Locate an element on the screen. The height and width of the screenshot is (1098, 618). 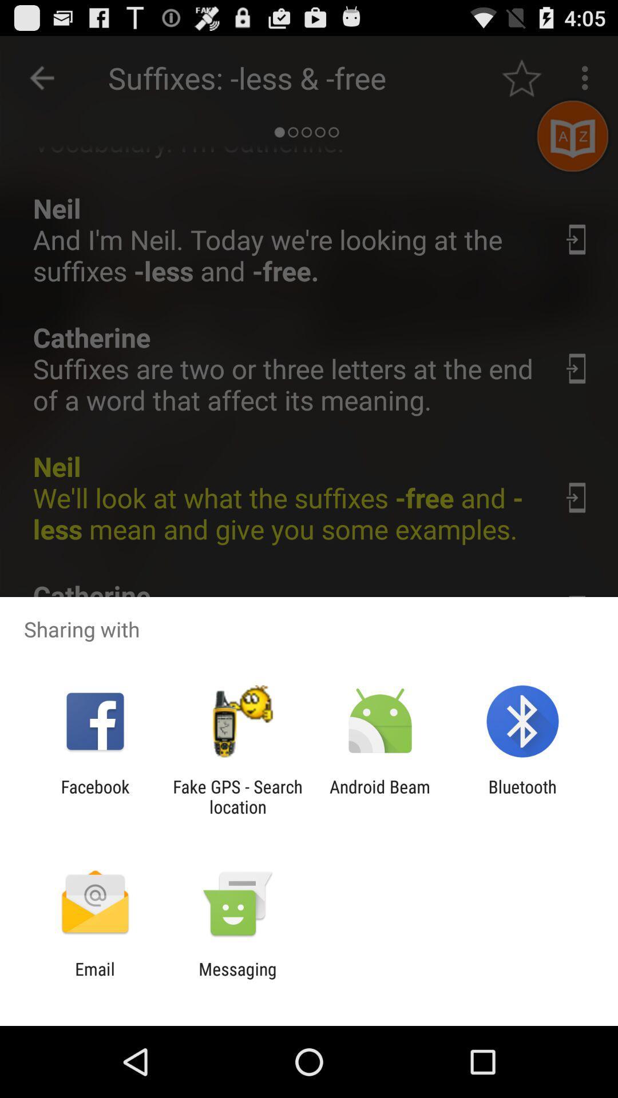
the fake gps search is located at coordinates (237, 796).